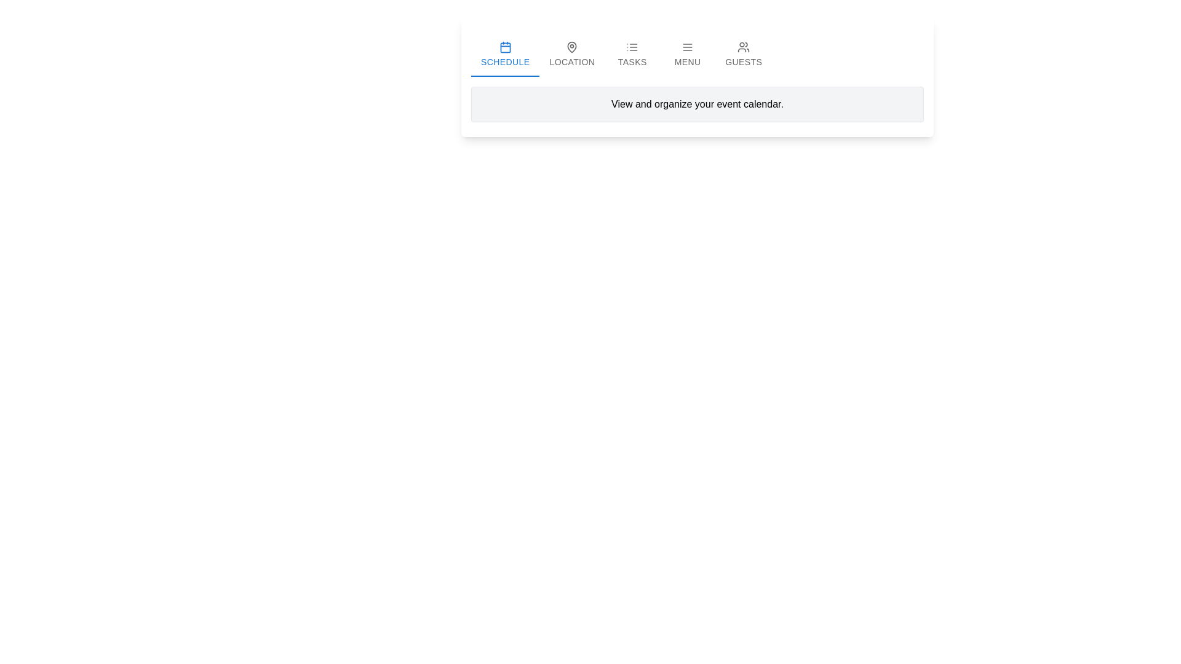 Image resolution: width=1181 pixels, height=664 pixels. I want to click on the 'Schedule' tab icon, which visually represents a calendar and is located above the 'SCHEDULE' label in the navigation bar, so click(505, 47).